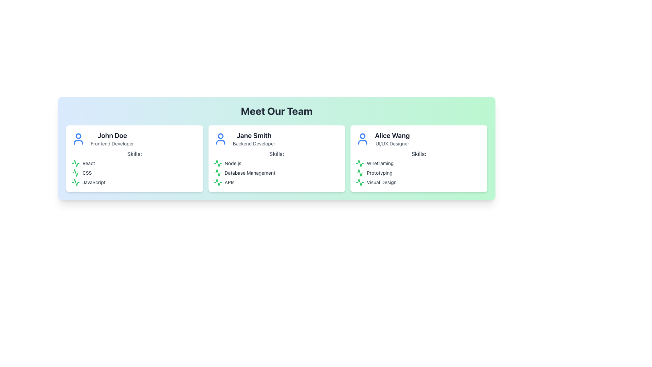  What do you see at coordinates (75, 163) in the screenshot?
I see `the green line graph icon located to the left of the text 'React' in the 'Skills' section of the 'John Doe' card` at bounding box center [75, 163].